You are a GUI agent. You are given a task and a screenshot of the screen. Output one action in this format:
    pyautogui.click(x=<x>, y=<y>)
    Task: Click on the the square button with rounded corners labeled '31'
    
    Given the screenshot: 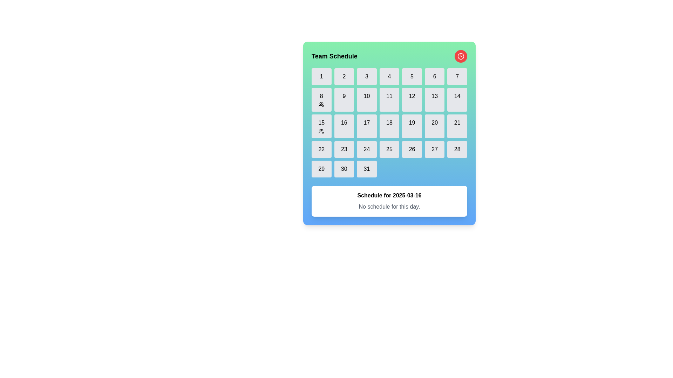 What is the action you would take?
    pyautogui.click(x=366, y=169)
    